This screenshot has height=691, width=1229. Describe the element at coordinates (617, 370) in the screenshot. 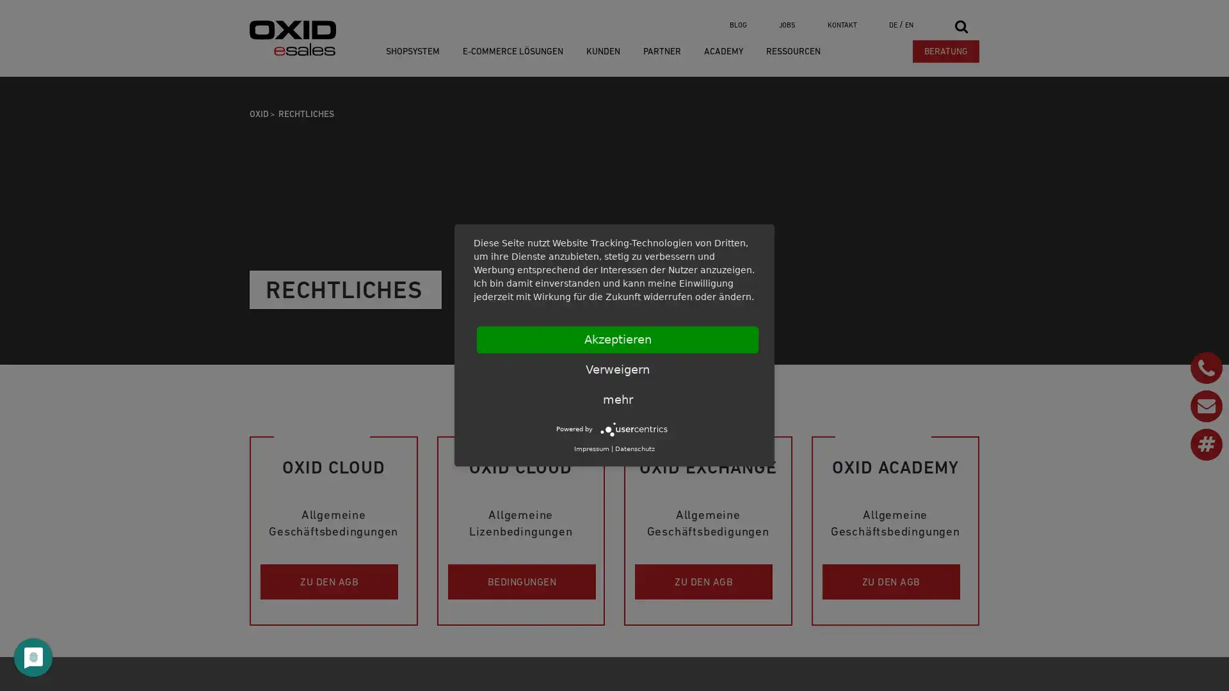

I see `Verweigern` at that location.